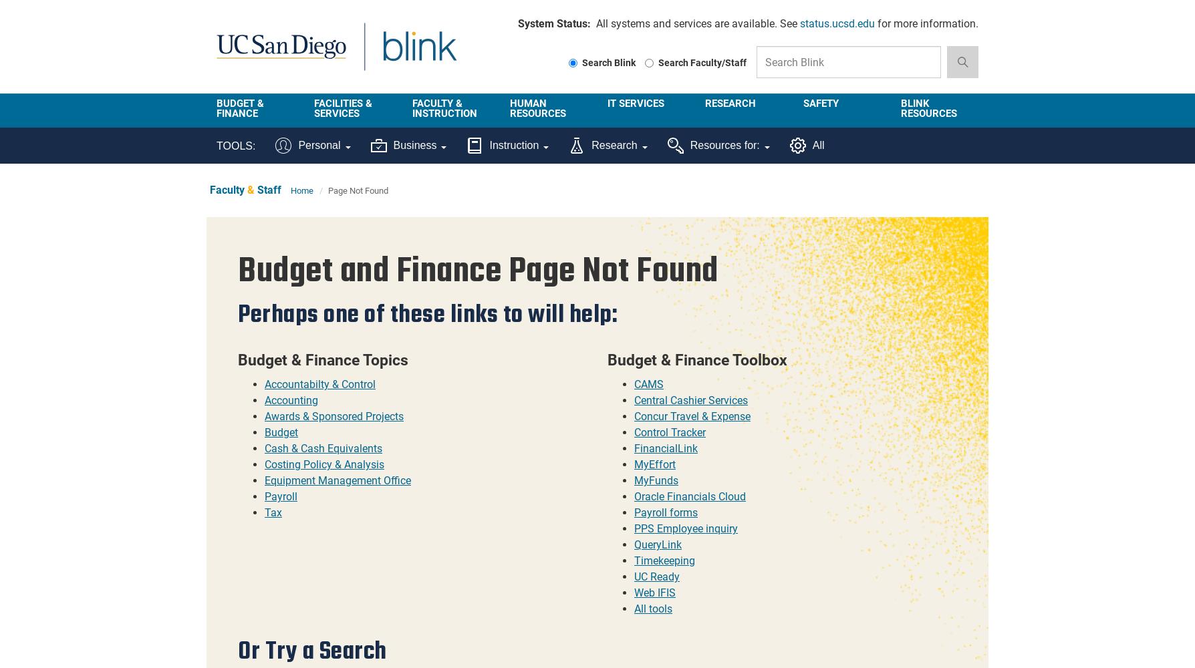  What do you see at coordinates (250, 190) in the screenshot?
I see `'&'` at bounding box center [250, 190].